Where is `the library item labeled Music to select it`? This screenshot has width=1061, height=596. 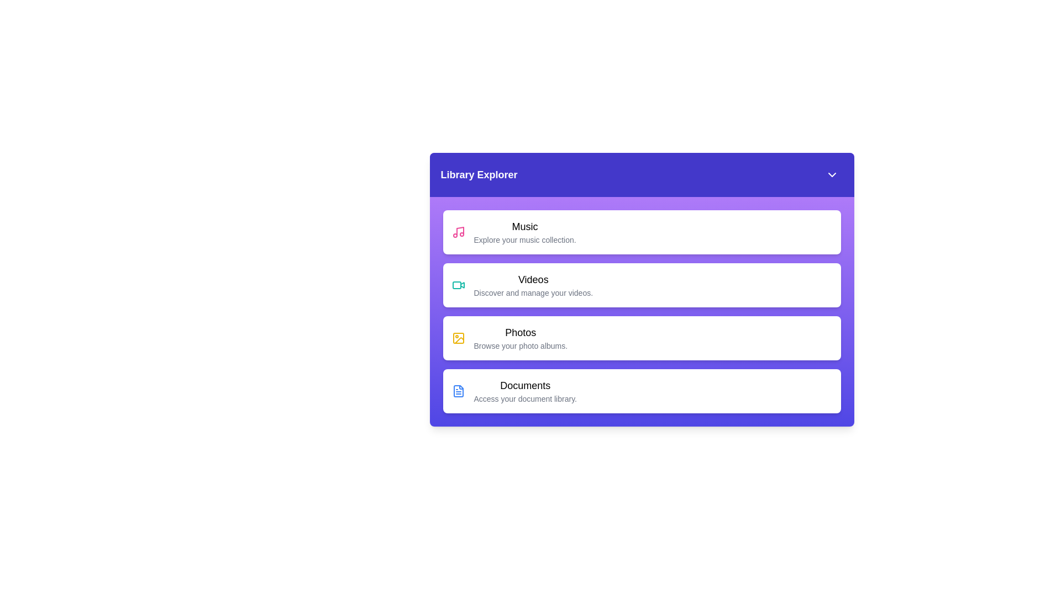
the library item labeled Music to select it is located at coordinates (642, 231).